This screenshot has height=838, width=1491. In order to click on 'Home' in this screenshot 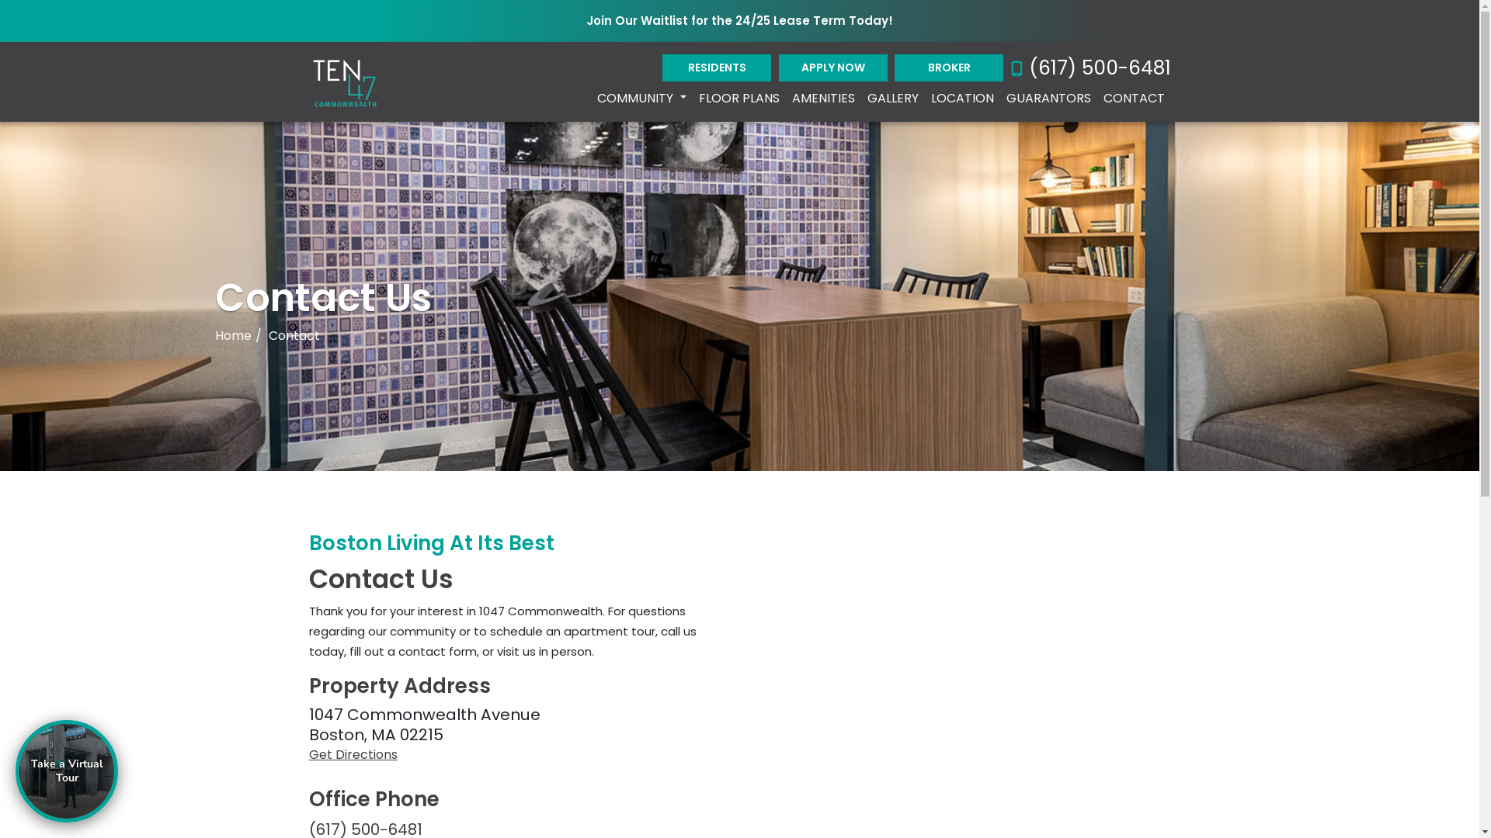, I will do `click(232, 334)`.